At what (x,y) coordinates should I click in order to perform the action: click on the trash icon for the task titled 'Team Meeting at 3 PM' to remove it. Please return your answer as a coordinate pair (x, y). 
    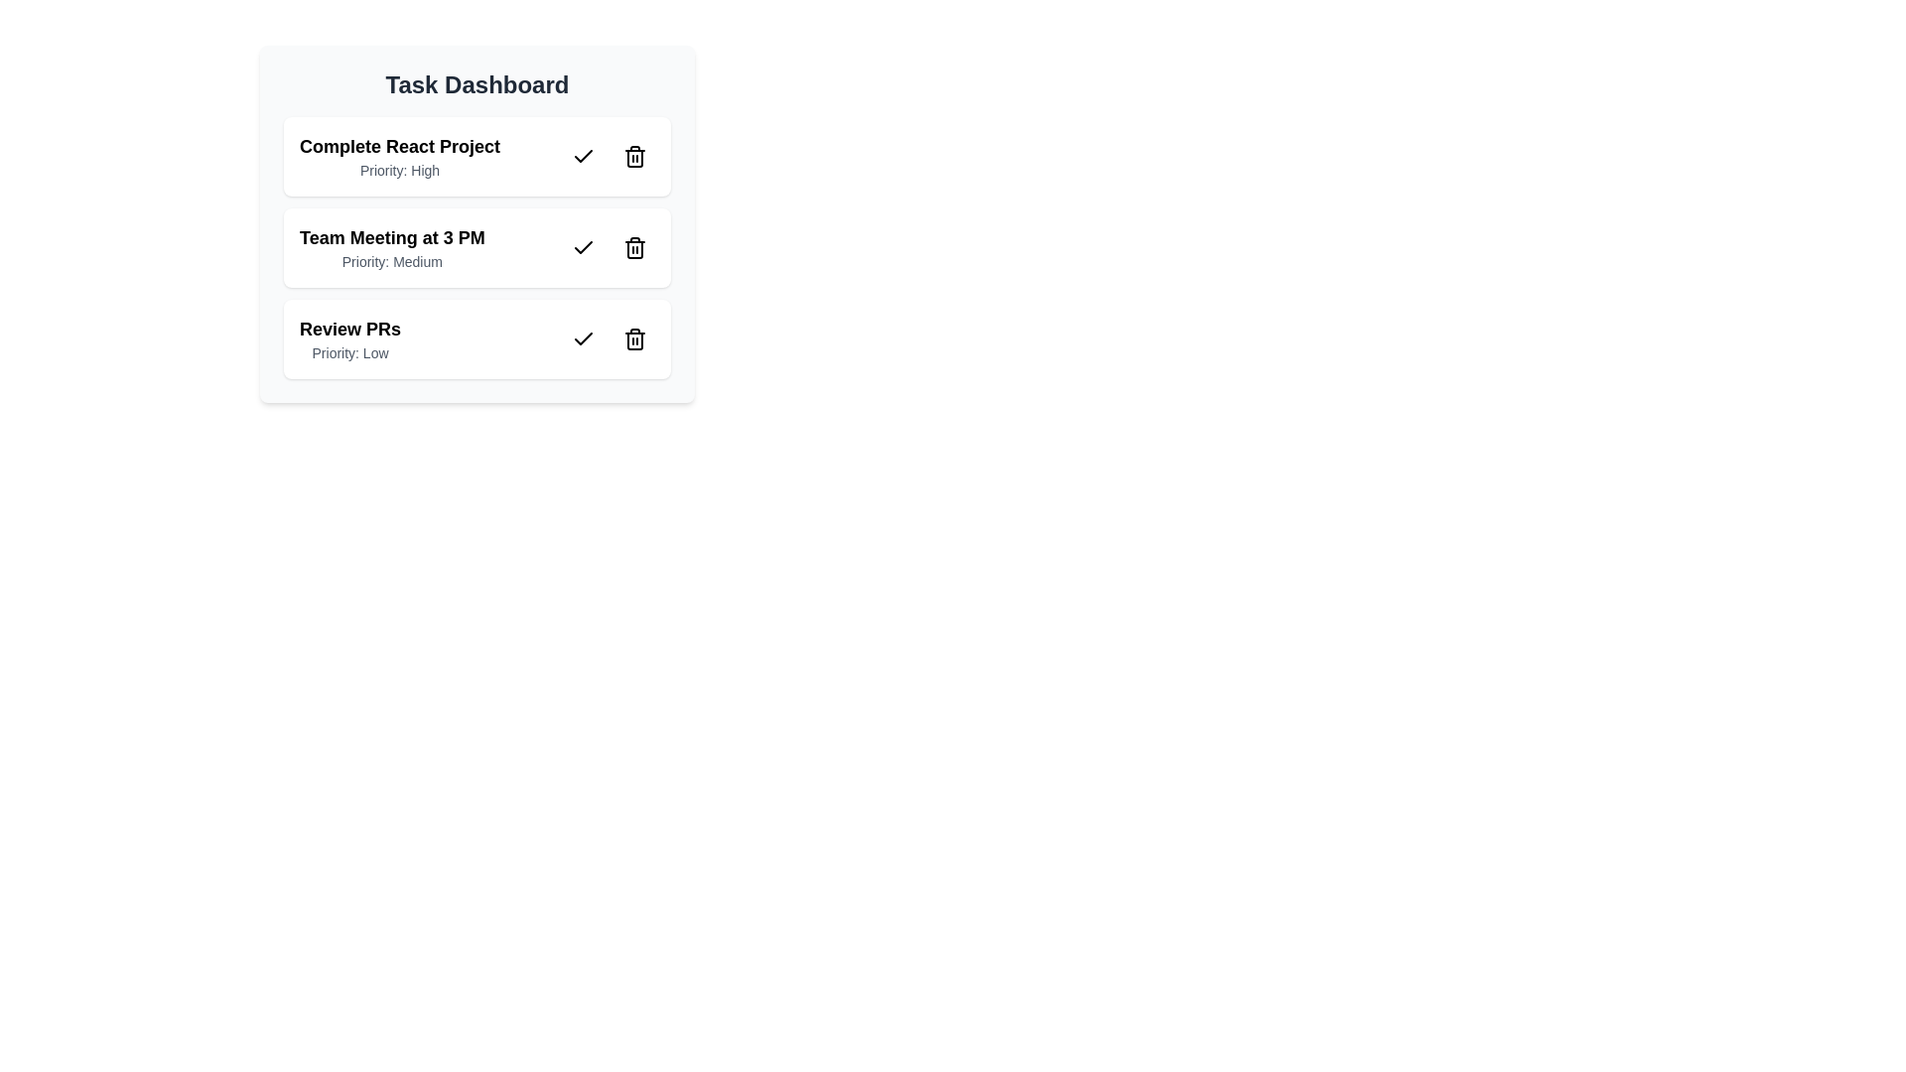
    Looking at the image, I should click on (633, 247).